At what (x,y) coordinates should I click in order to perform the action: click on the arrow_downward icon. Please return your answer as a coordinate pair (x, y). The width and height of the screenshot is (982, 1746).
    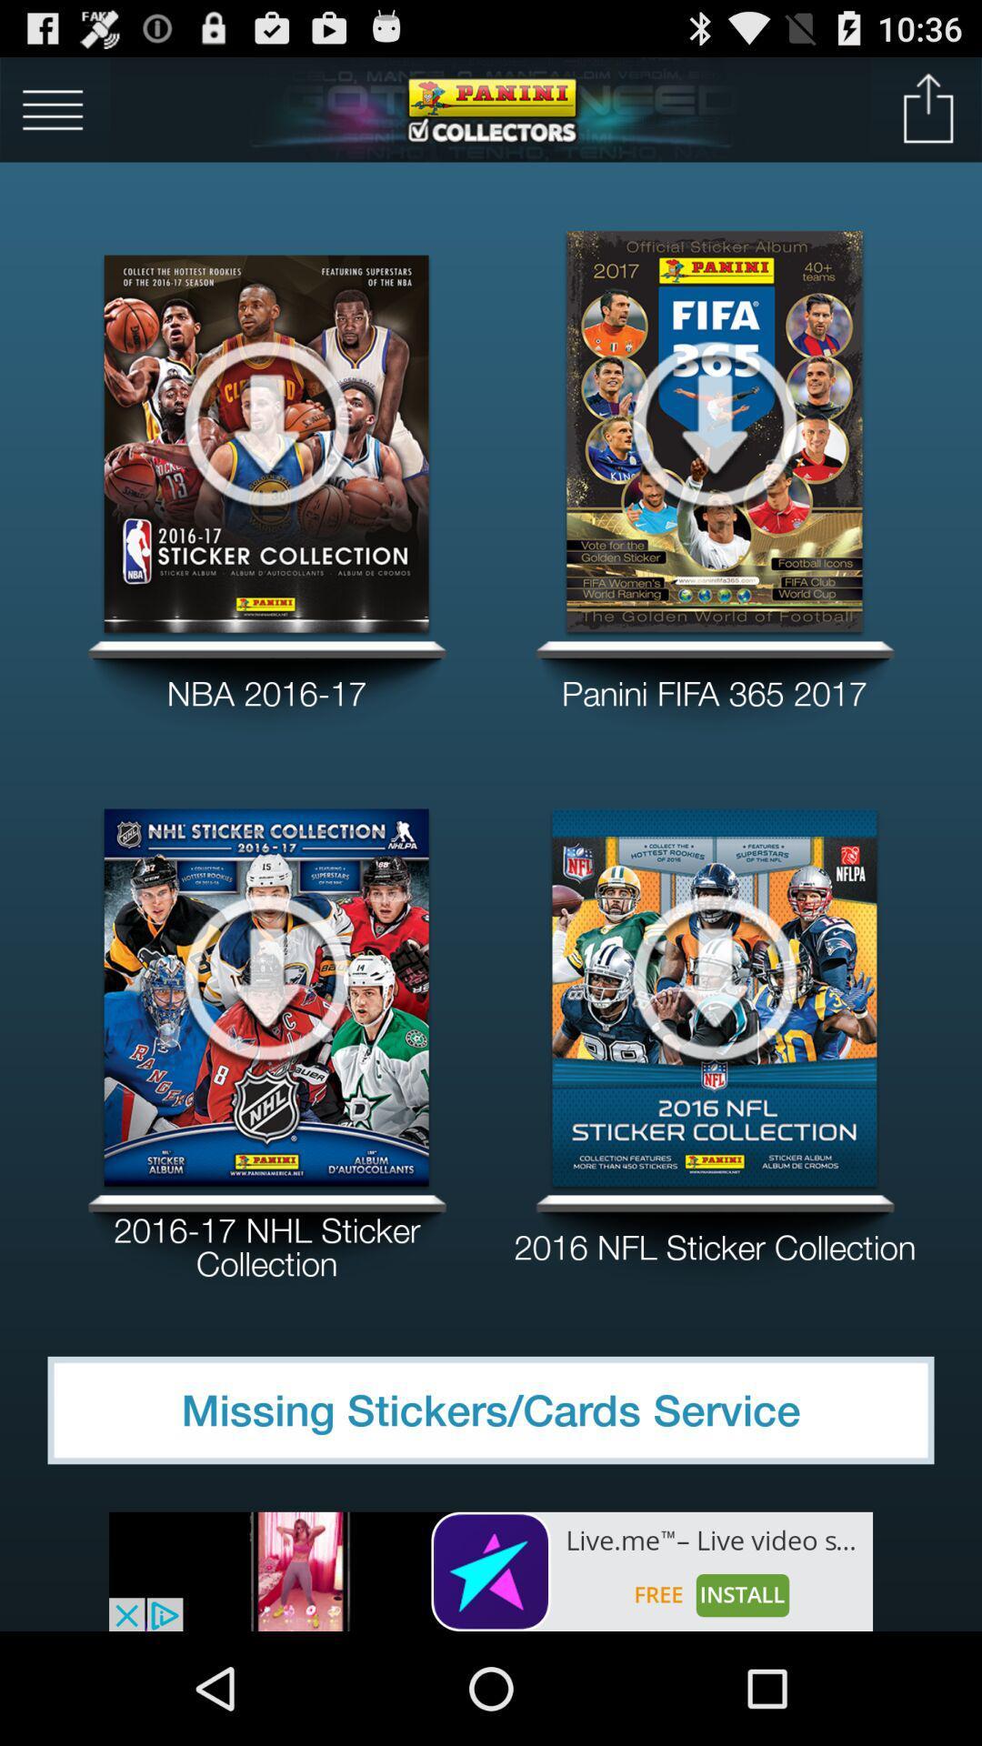
    Looking at the image, I should click on (266, 1044).